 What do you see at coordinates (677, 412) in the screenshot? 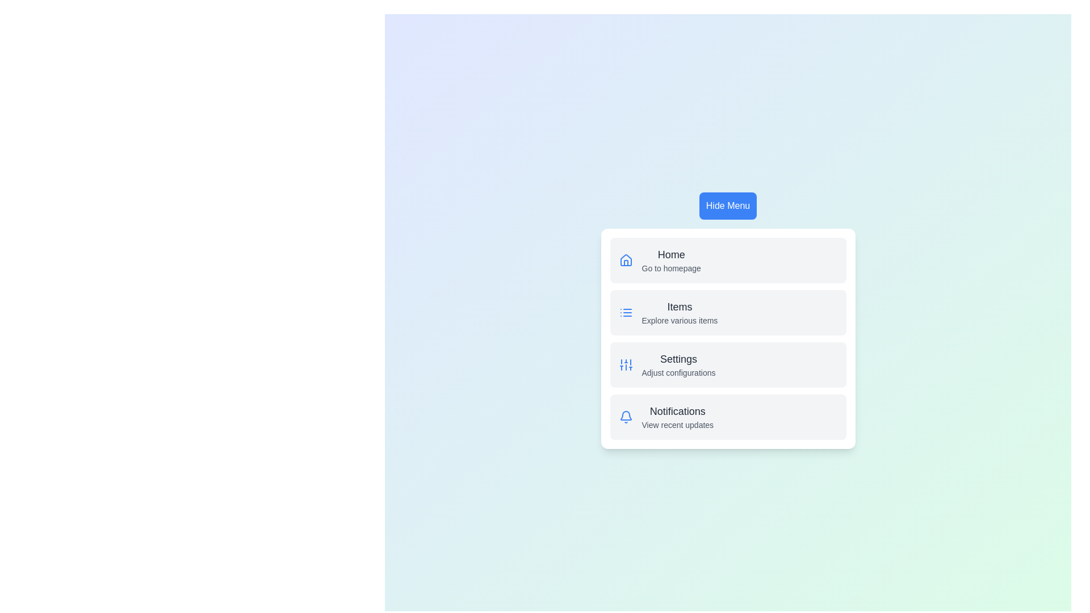
I see `the menu item labeled Notifications` at bounding box center [677, 412].